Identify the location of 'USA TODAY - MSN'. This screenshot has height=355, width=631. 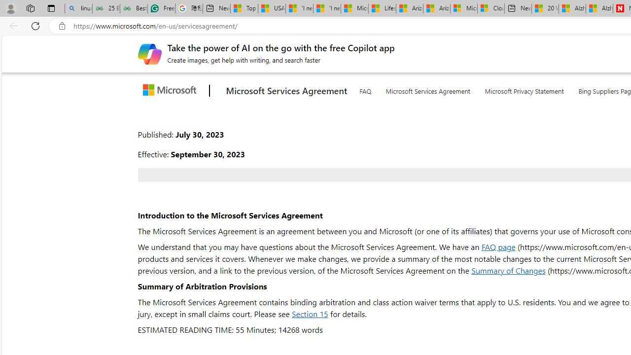
(272, 8).